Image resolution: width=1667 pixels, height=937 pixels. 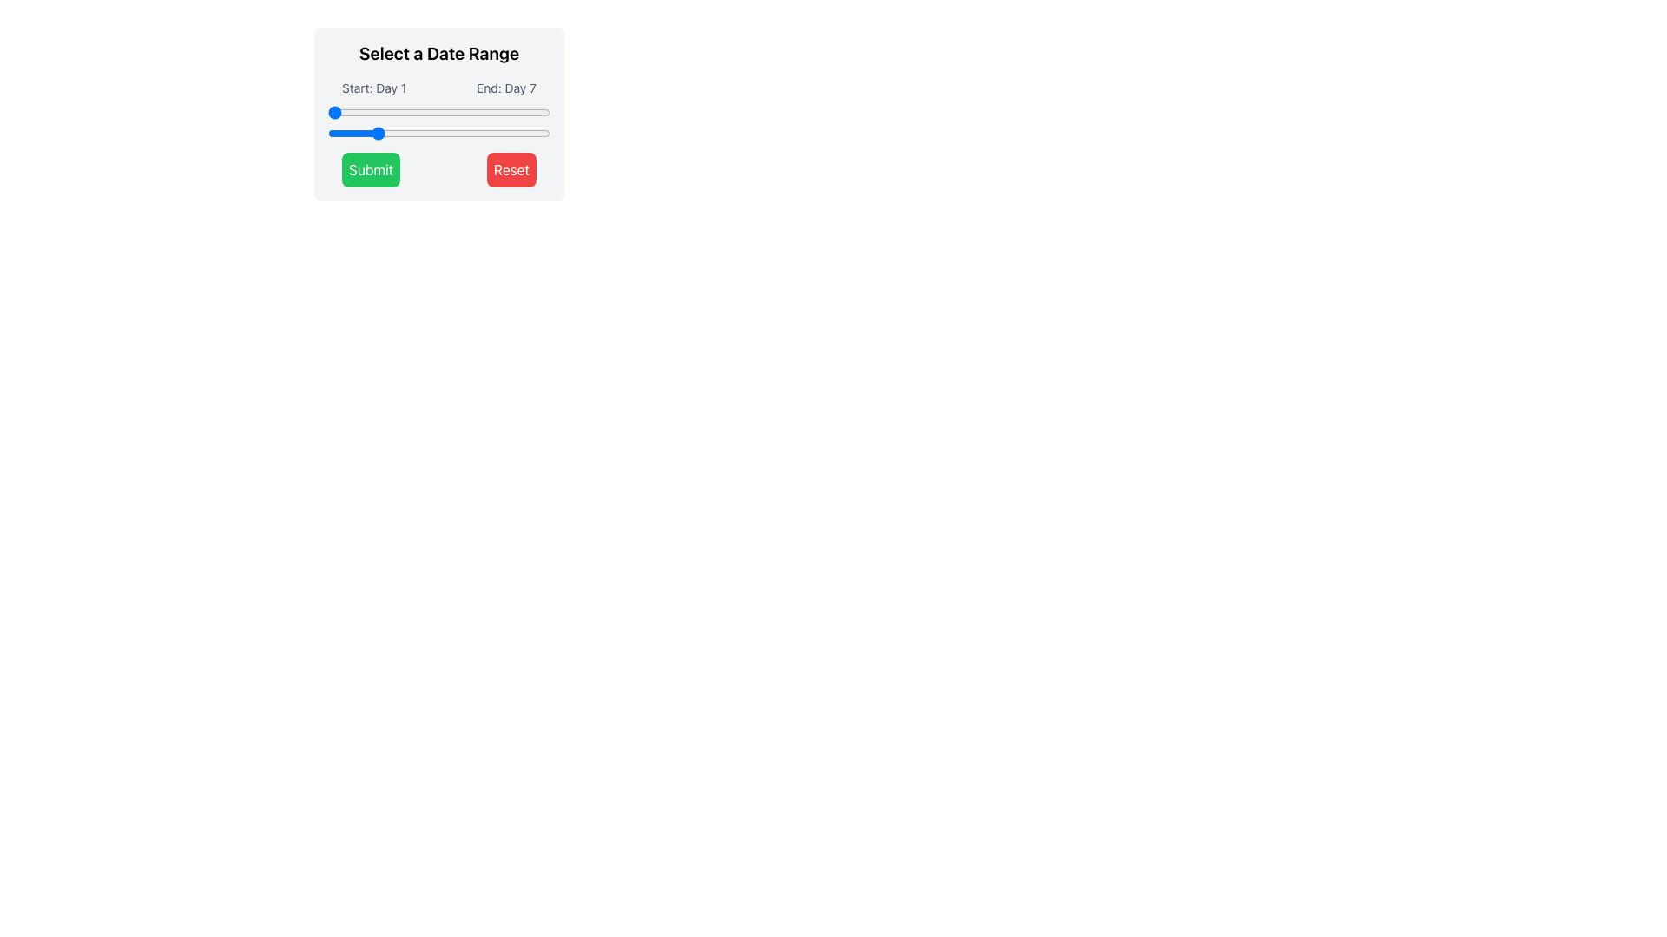 I want to click on the slider, so click(x=488, y=133).